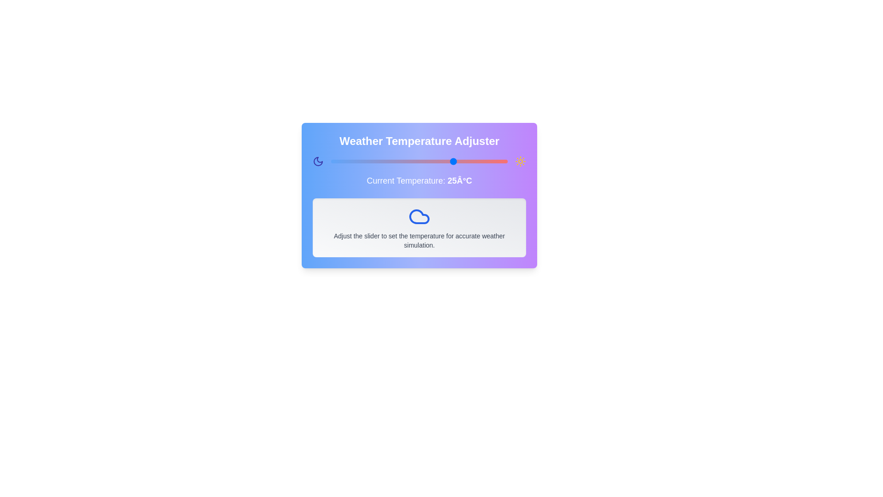  What do you see at coordinates (370, 161) in the screenshot?
I see `the temperature slider to set the temperature to 1 degrees Celsius` at bounding box center [370, 161].